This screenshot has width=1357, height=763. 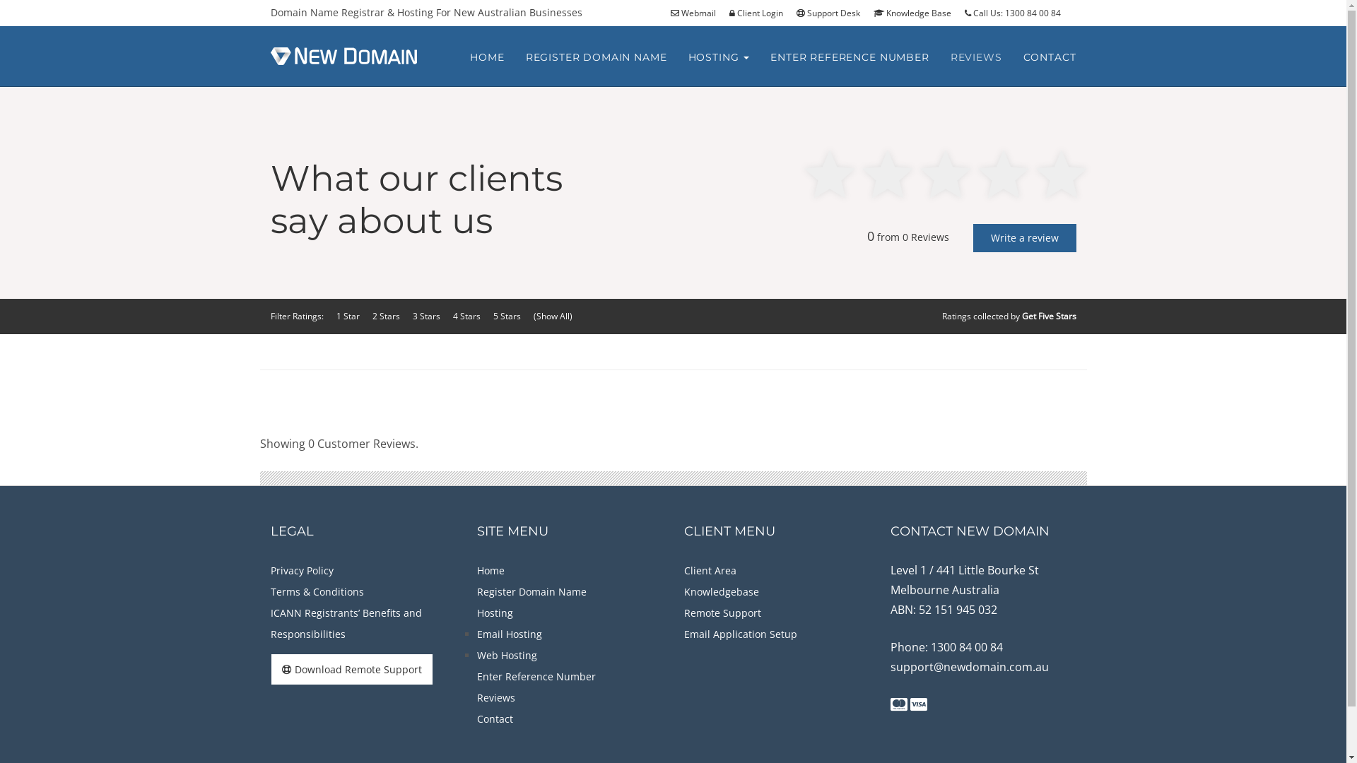 What do you see at coordinates (698, 13) in the screenshot?
I see `'Webmail'` at bounding box center [698, 13].